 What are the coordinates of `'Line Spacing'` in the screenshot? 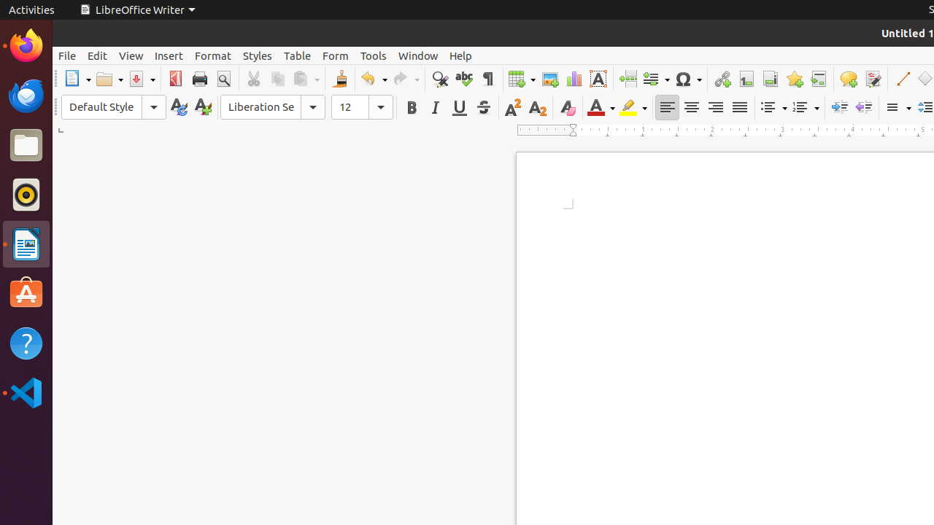 It's located at (896, 106).